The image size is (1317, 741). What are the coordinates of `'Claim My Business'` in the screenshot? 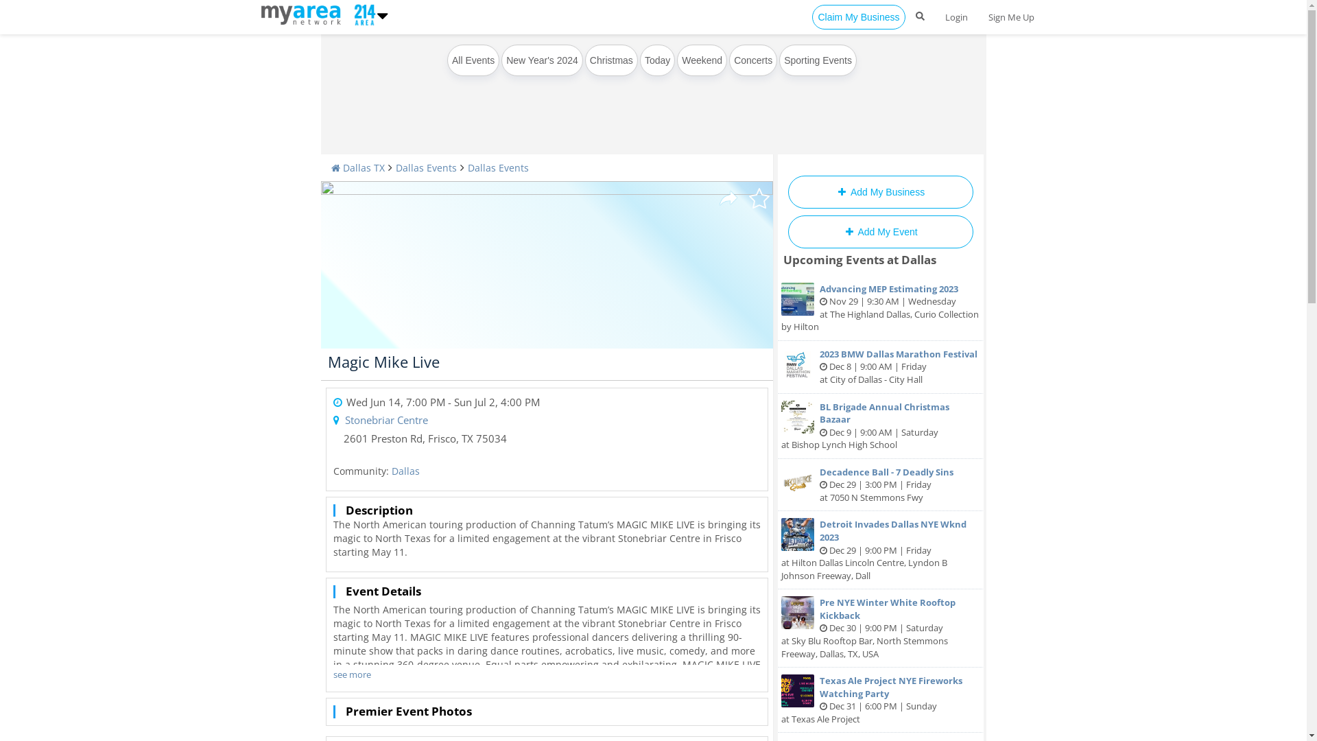 It's located at (857, 16).